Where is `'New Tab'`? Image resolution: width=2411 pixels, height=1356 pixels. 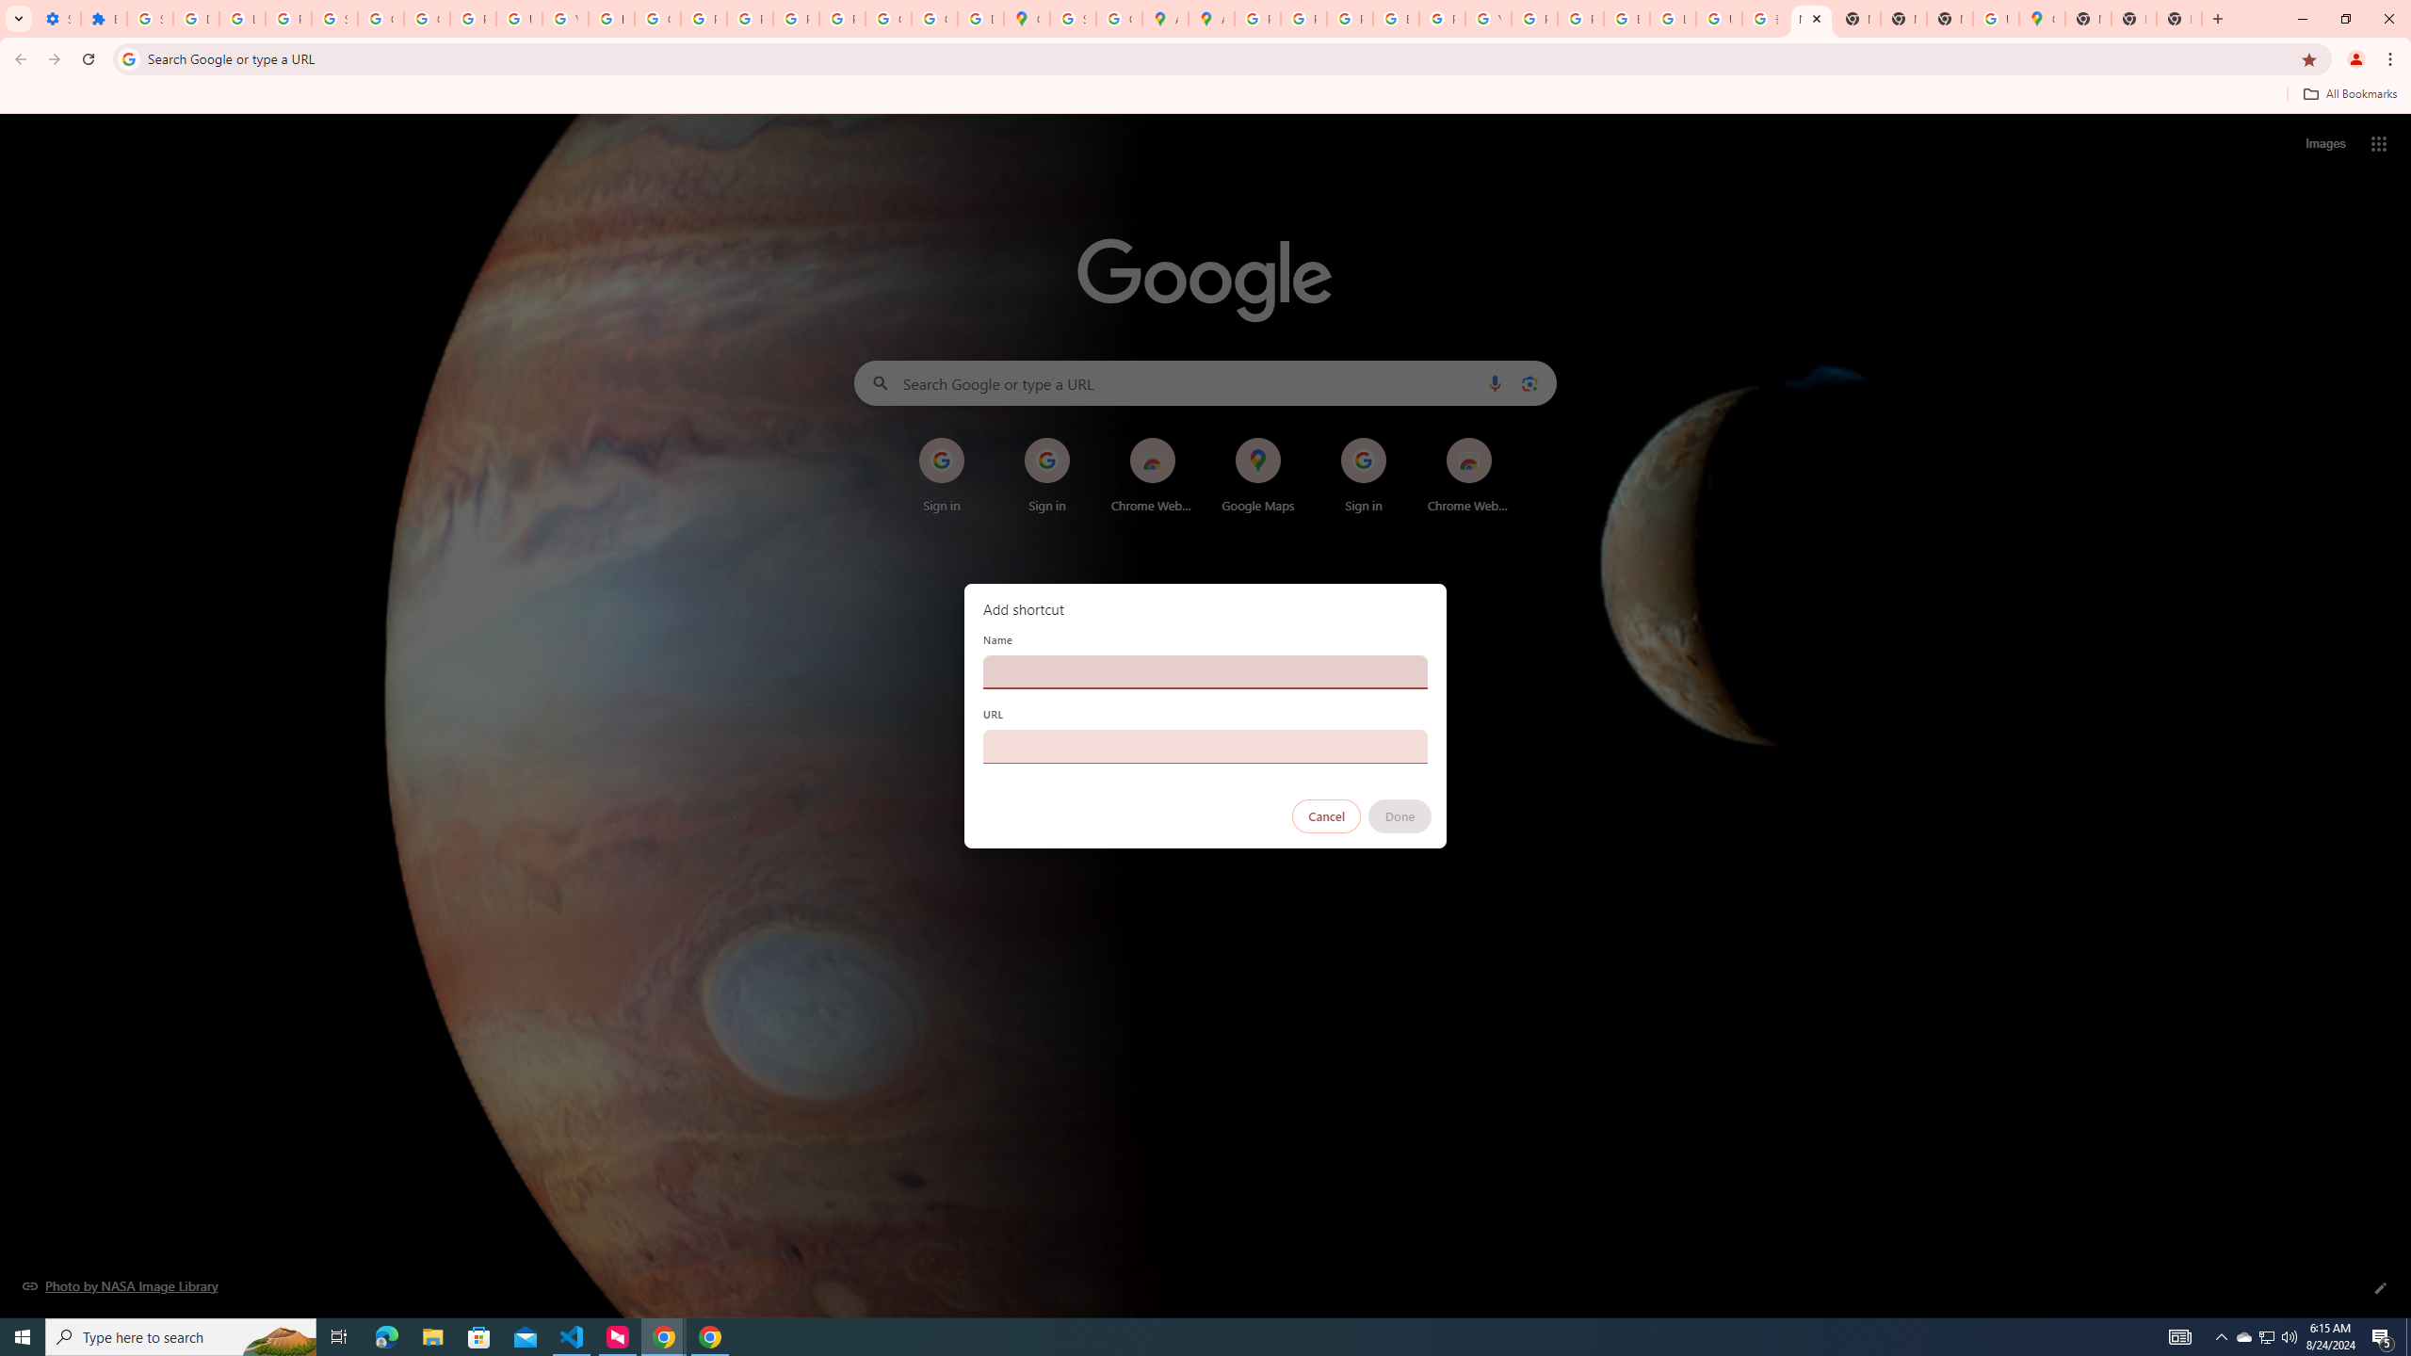 'New Tab' is located at coordinates (2133, 18).